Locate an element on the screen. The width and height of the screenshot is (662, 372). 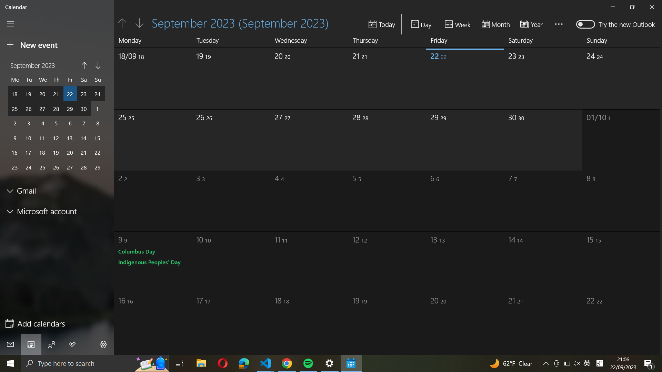
Network with others through the calendar functionality is located at coordinates (51, 344).